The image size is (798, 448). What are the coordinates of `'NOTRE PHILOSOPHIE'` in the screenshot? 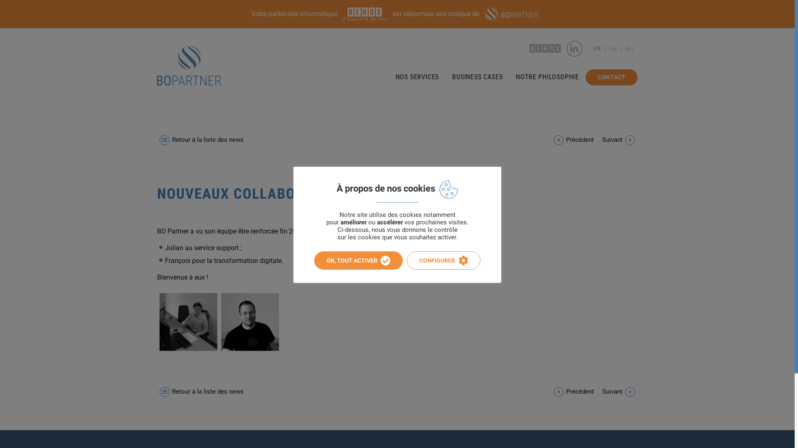 It's located at (547, 77).